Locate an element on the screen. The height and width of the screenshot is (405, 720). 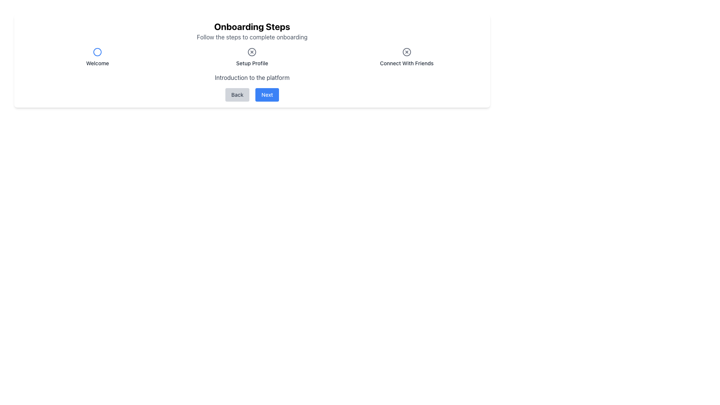
the 'Welcome' section text label, which is located directly below a blue circular icon and is the leftmost element in a group of three sections is located at coordinates (97, 57).